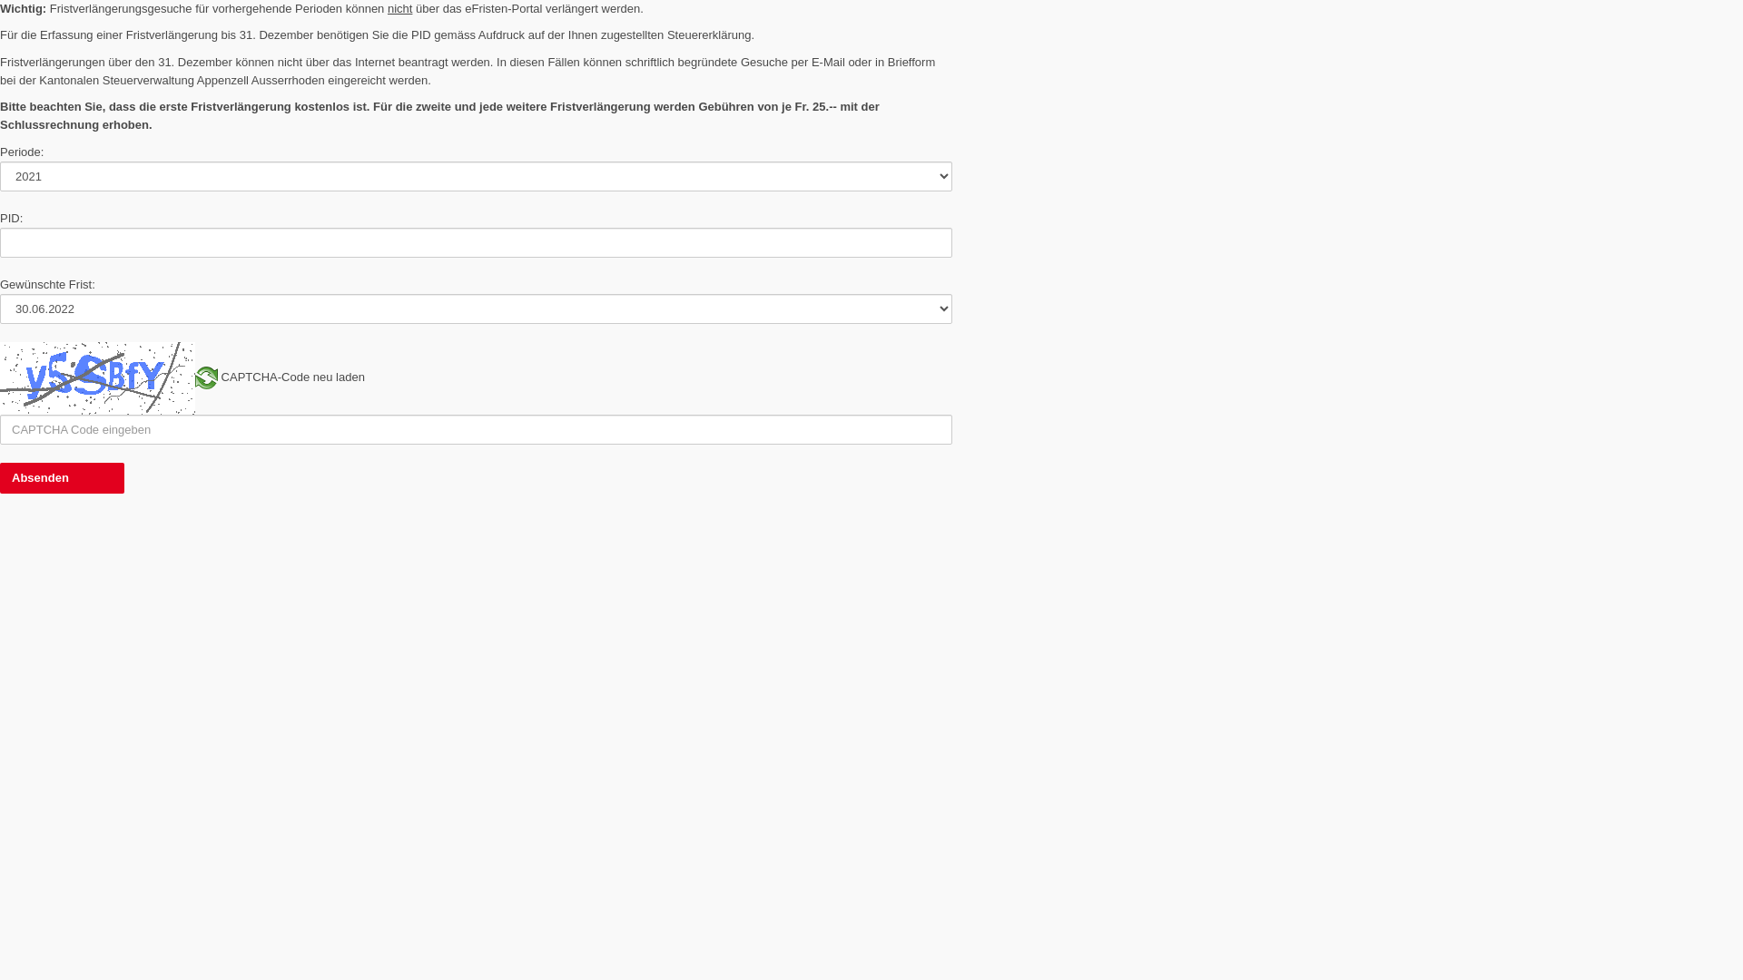  Describe the element at coordinates (62, 477) in the screenshot. I see `'Absenden'` at that location.